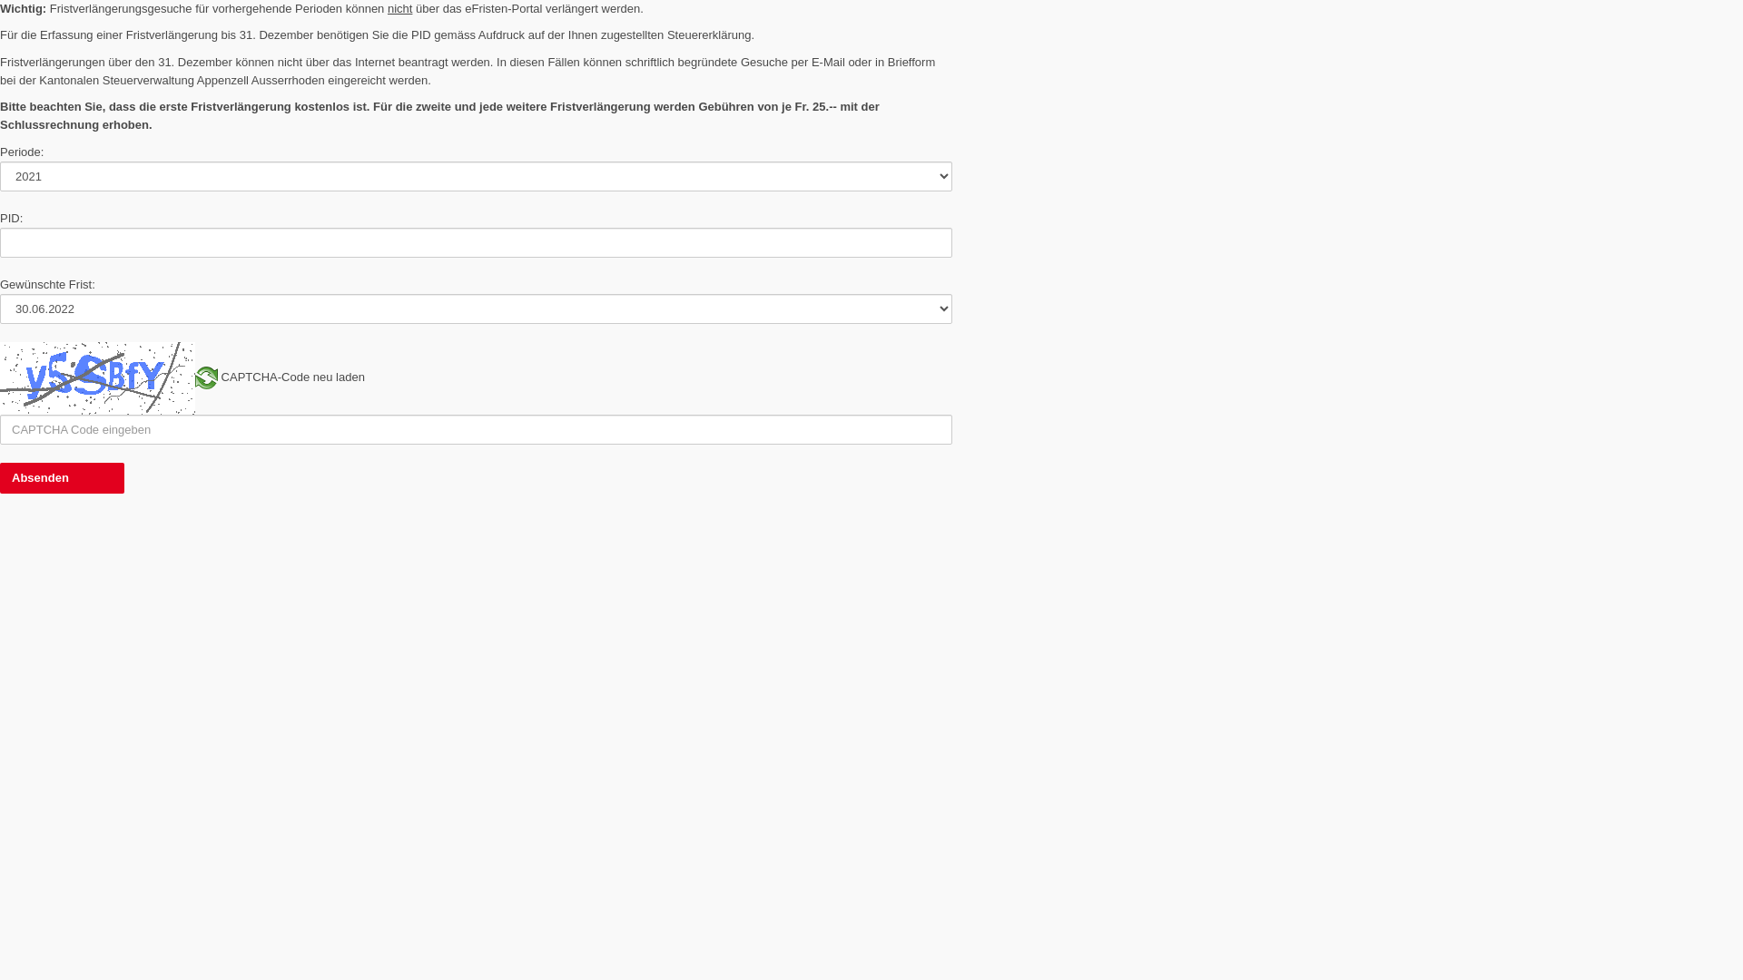  Describe the element at coordinates (62, 477) in the screenshot. I see `'Absenden'` at that location.